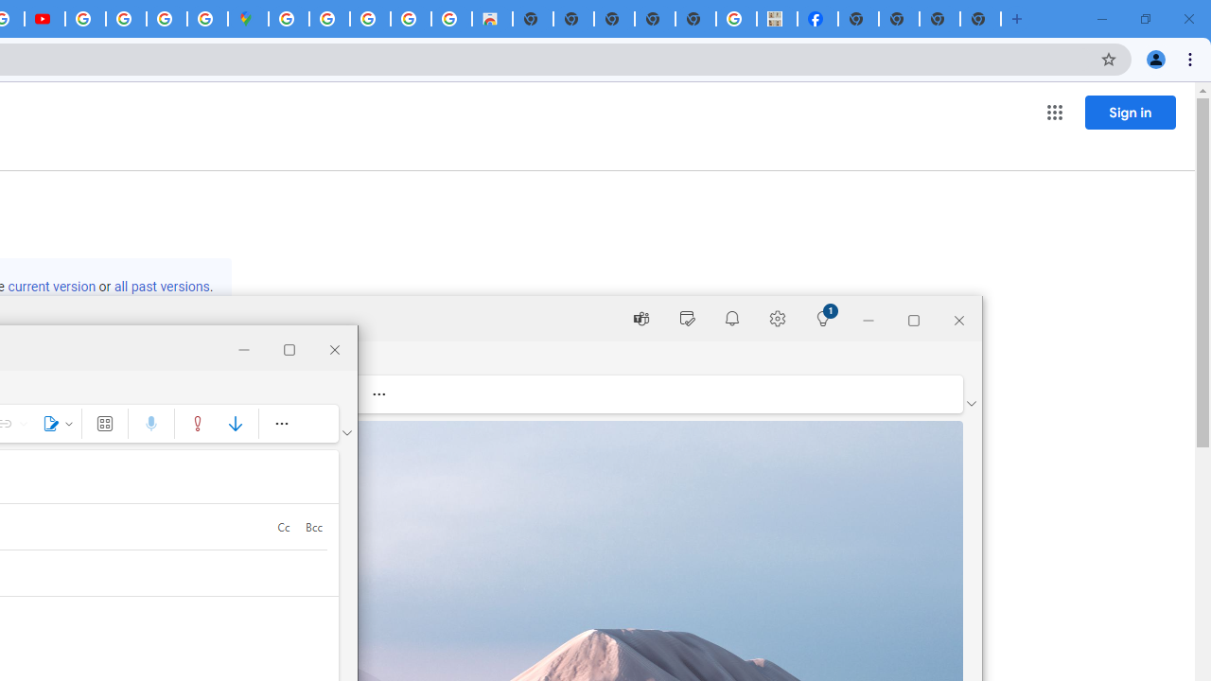  What do you see at coordinates (234, 422) in the screenshot?
I see `'Low importance'` at bounding box center [234, 422].